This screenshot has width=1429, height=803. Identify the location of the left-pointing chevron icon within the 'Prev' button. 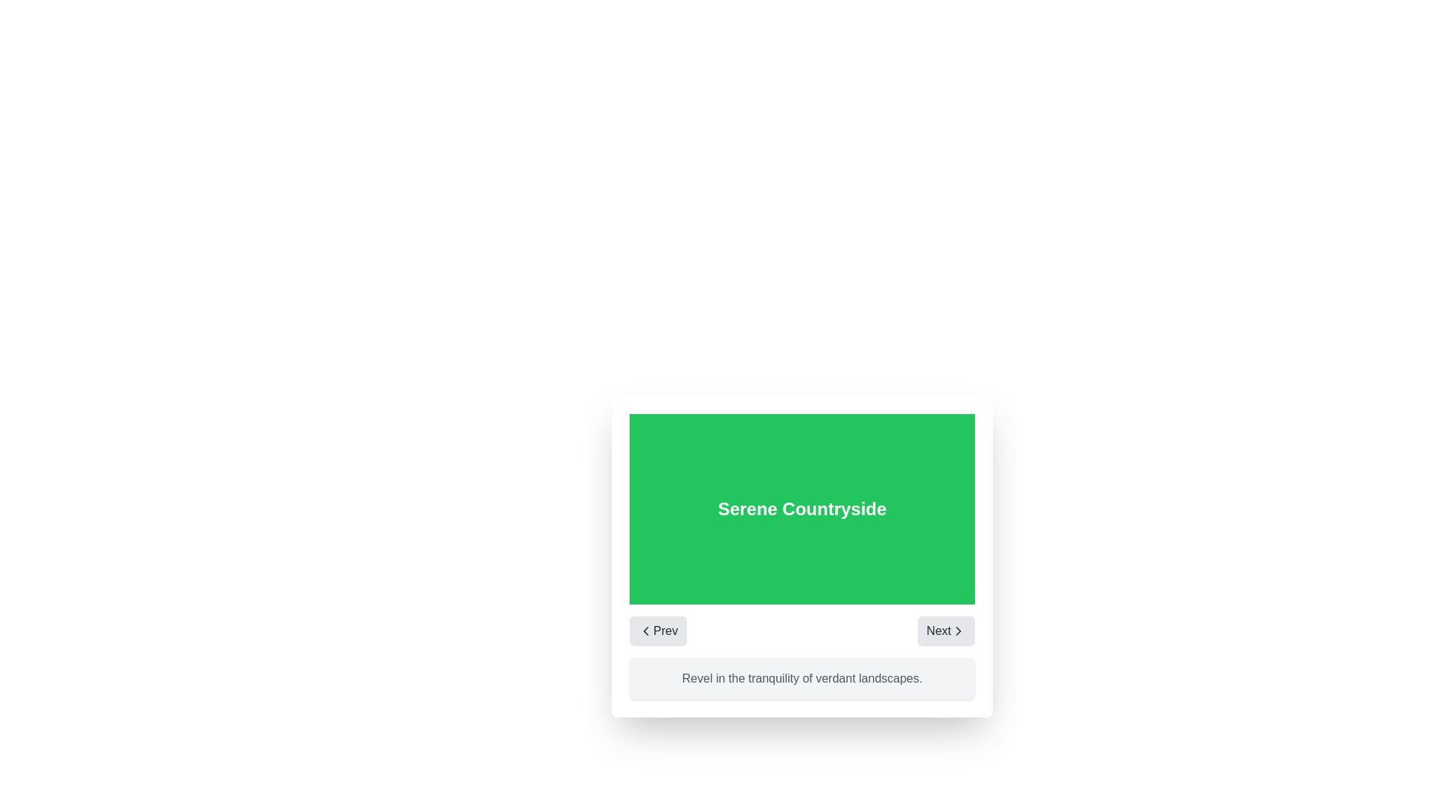
(646, 631).